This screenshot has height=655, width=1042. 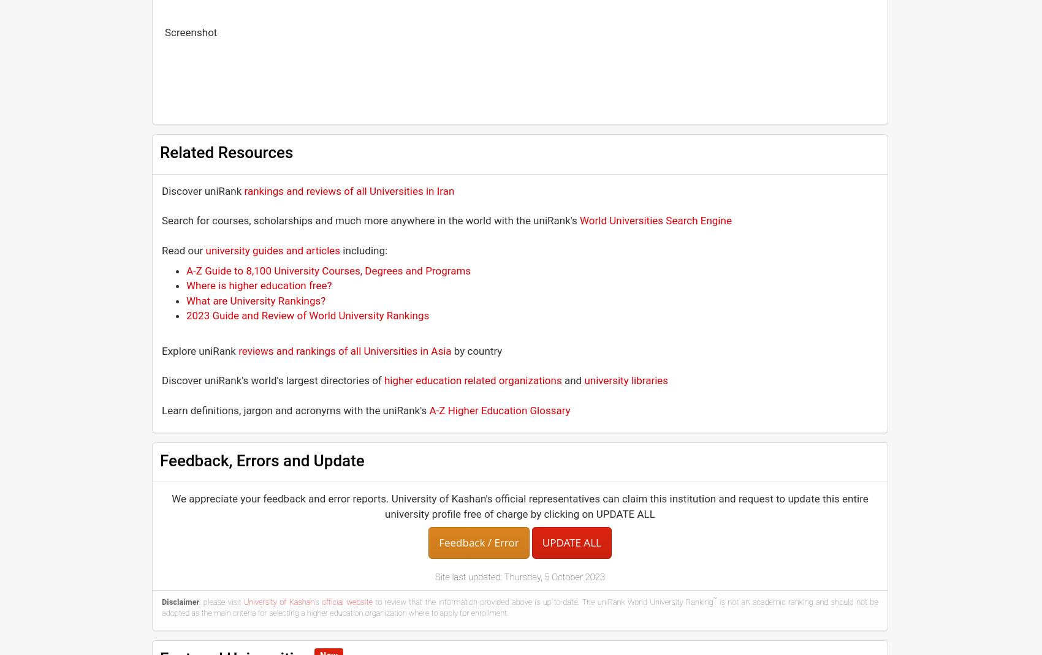 I want to click on 'Feedback / Error', so click(x=477, y=541).